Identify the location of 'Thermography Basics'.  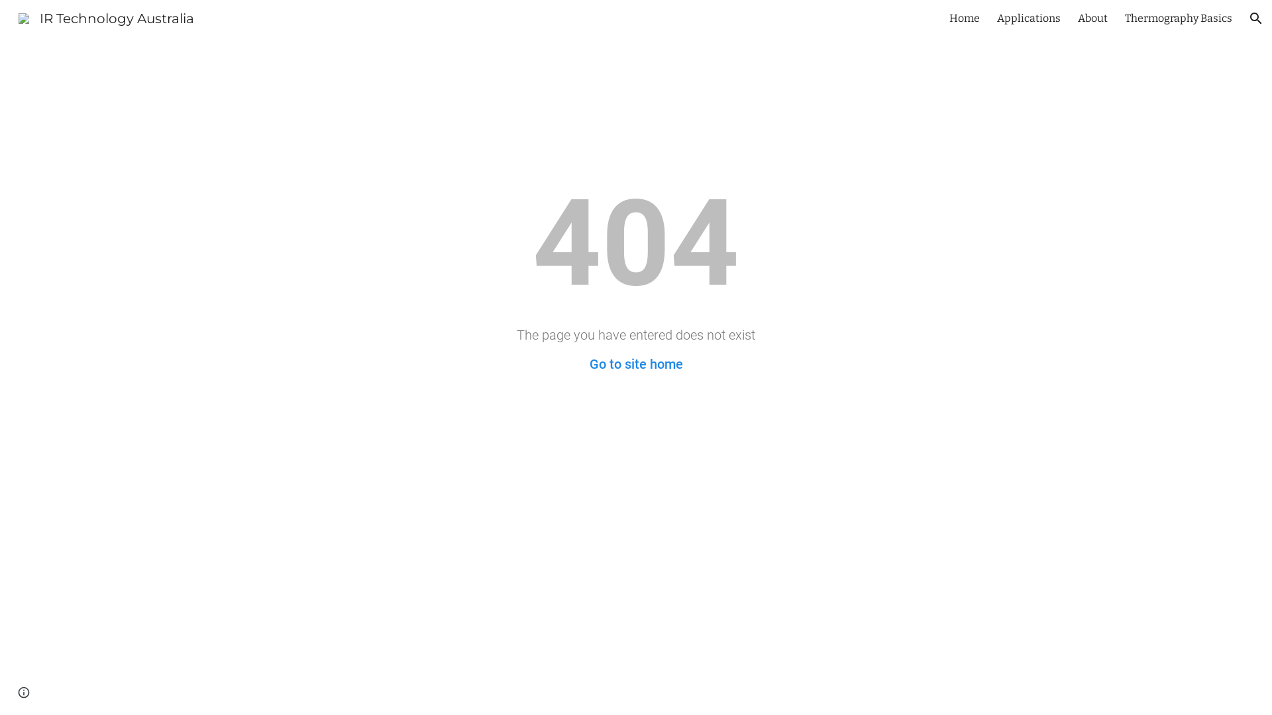
(1124, 18).